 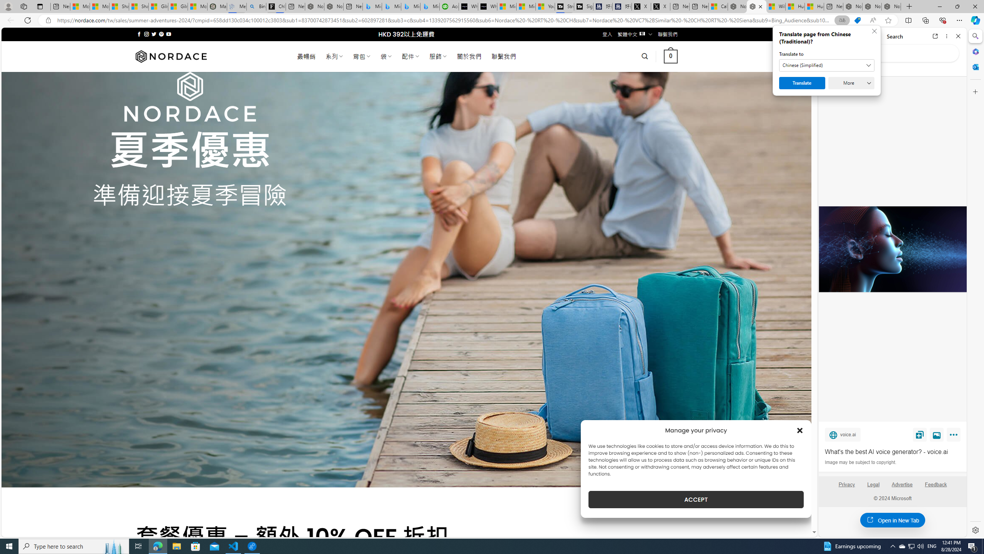 I want to click on 'Wildlife - MSN', so click(x=775, y=6).